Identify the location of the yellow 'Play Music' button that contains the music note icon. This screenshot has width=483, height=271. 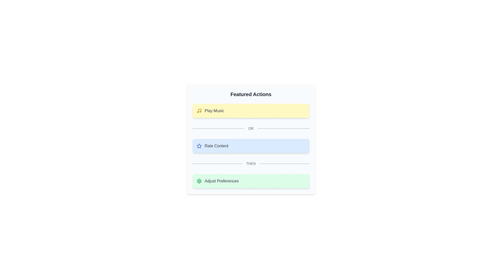
(199, 111).